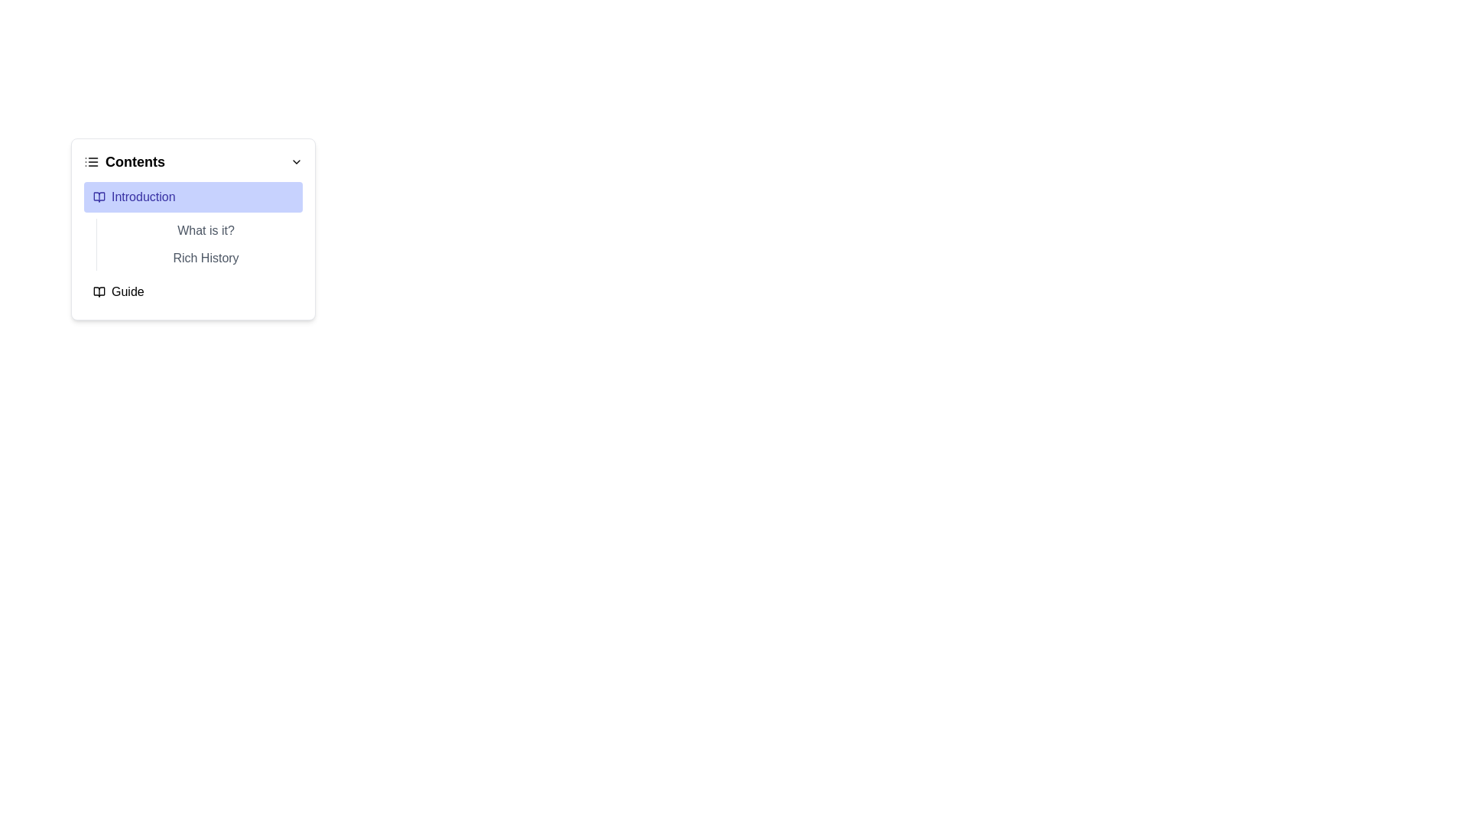  I want to click on the Header text element that serves as a title for the associated section, located at the top of the menu-like component, so click(125, 162).